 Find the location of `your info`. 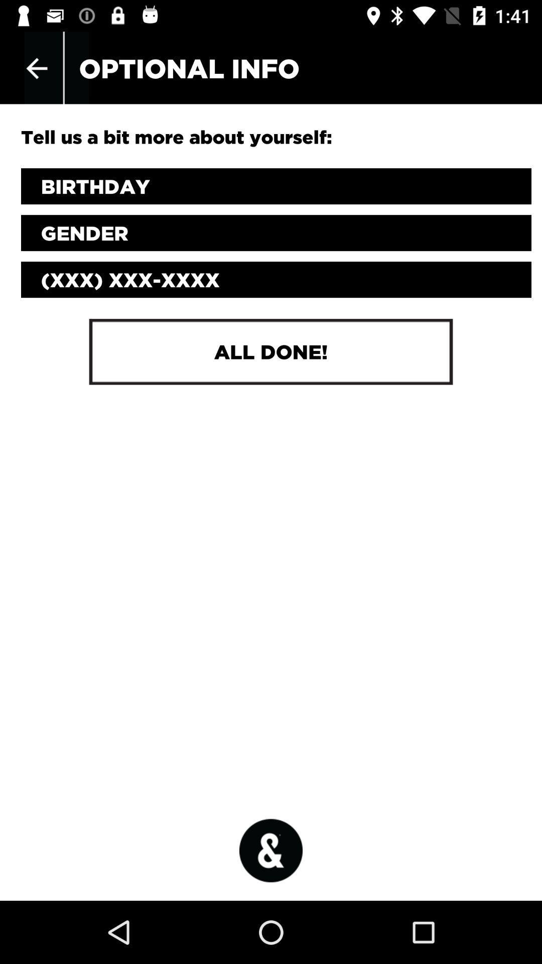

your info is located at coordinates (276, 186).